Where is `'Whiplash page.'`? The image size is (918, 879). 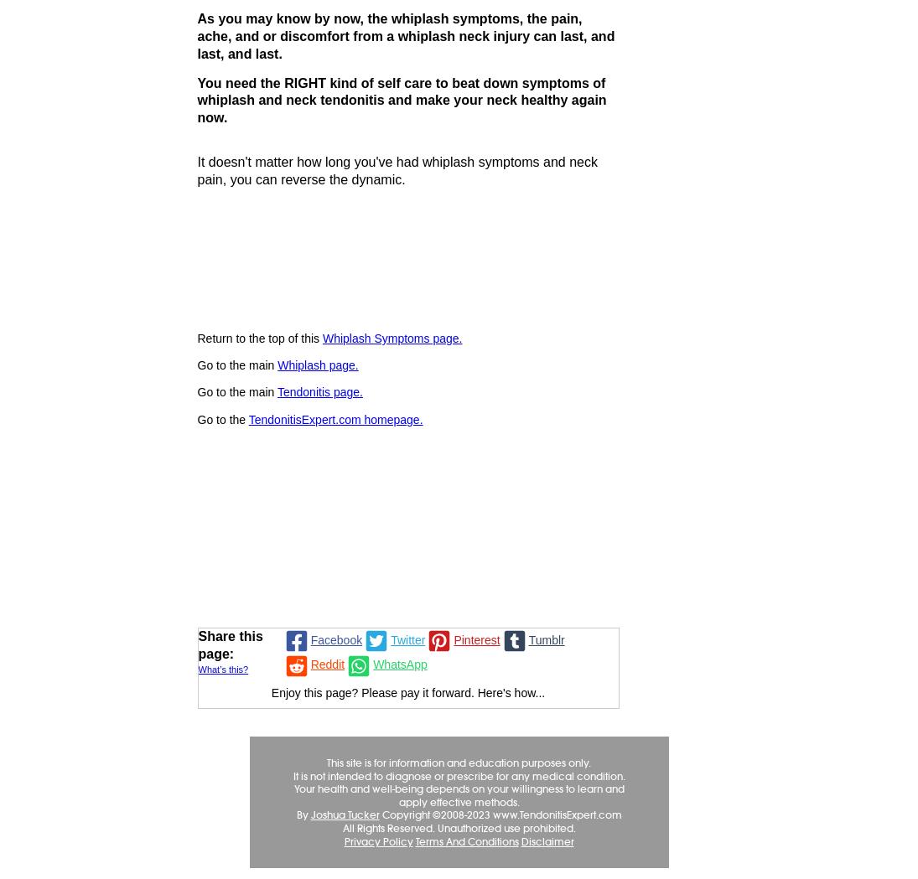
'Whiplash page.' is located at coordinates (277, 364).